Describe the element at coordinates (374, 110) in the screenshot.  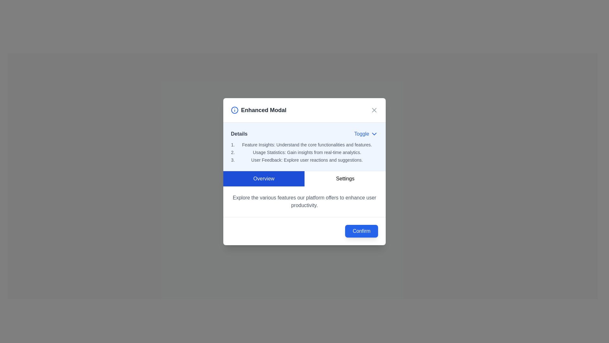
I see `the close button located at the top-right corner of the 'Enhanced Modal' header` at that location.